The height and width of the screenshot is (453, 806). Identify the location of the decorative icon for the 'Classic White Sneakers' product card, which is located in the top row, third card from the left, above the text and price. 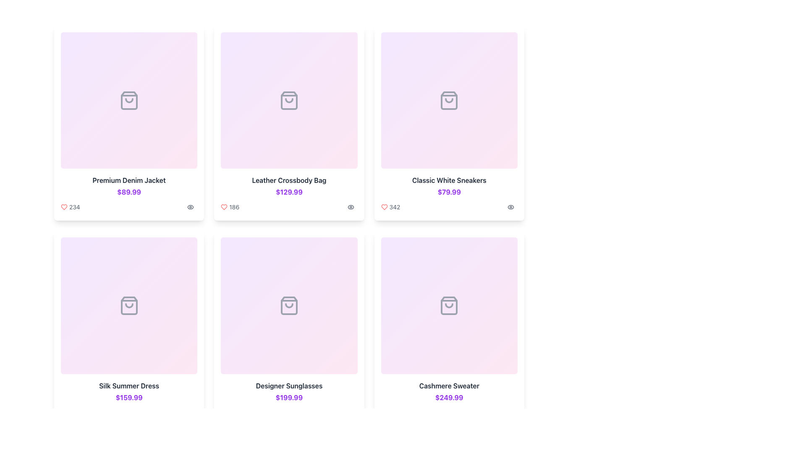
(449, 100).